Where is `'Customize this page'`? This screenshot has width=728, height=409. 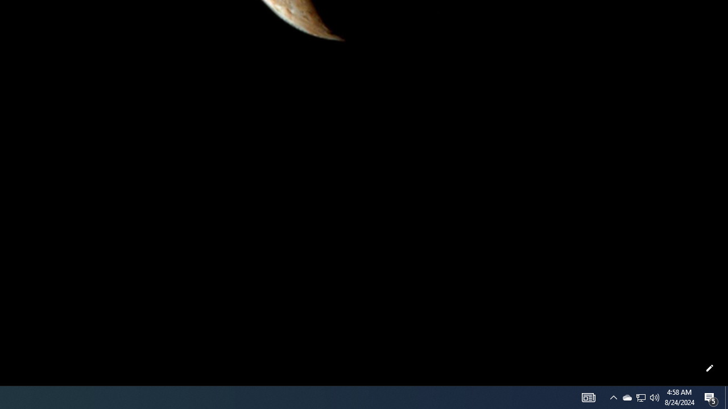
'Customize this page' is located at coordinates (709, 368).